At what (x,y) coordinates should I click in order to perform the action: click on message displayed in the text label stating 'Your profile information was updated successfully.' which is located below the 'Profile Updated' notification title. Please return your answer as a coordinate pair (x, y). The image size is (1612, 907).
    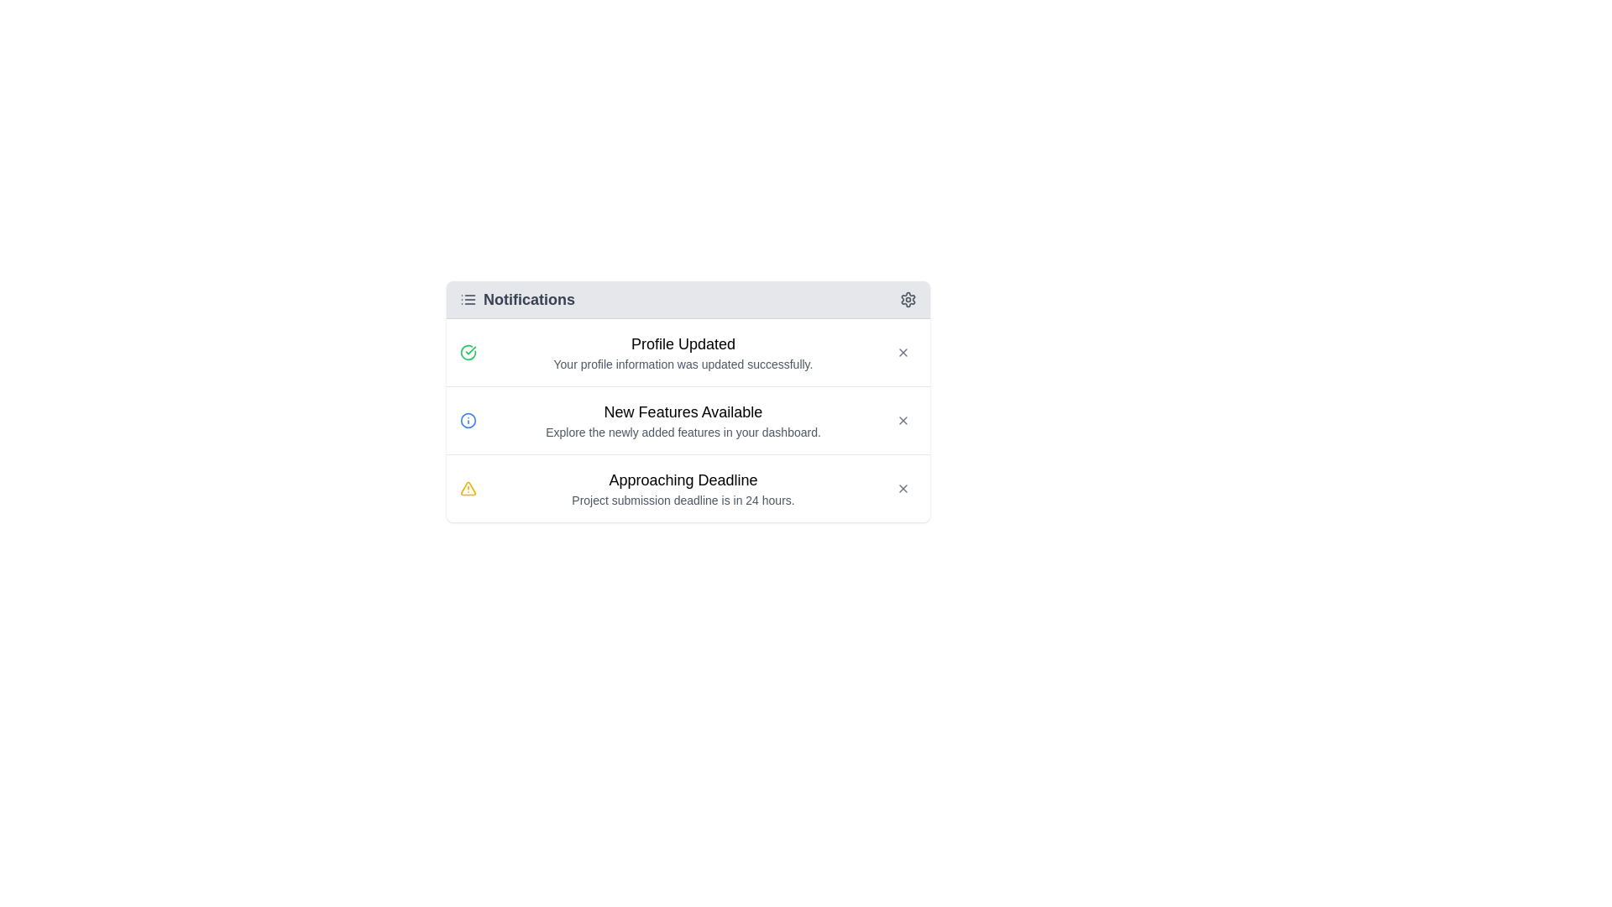
    Looking at the image, I should click on (683, 364).